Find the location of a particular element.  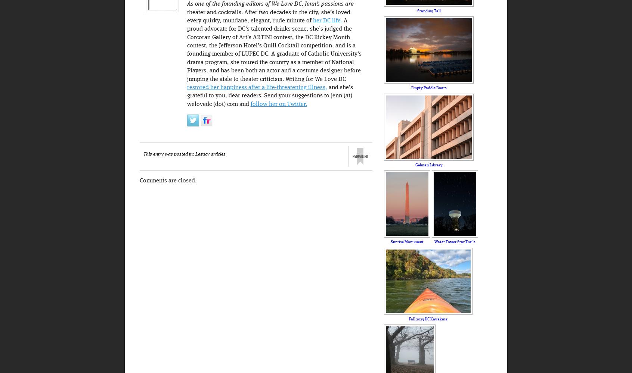

'Standing Tall' is located at coordinates (428, 11).